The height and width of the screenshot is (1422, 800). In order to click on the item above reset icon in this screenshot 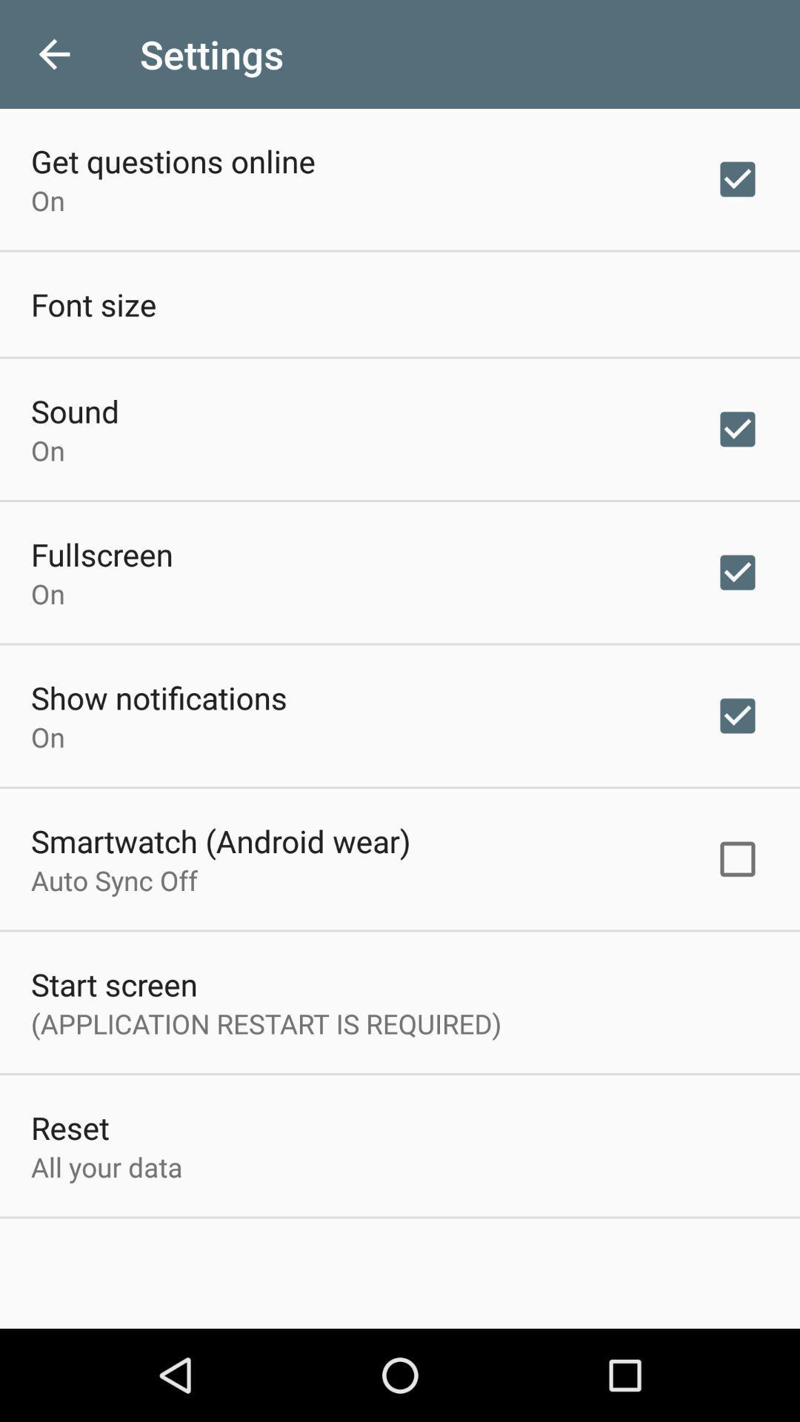, I will do `click(265, 1023)`.